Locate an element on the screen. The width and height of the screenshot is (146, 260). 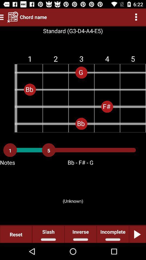
icon next to the inverse icon is located at coordinates (48, 234).